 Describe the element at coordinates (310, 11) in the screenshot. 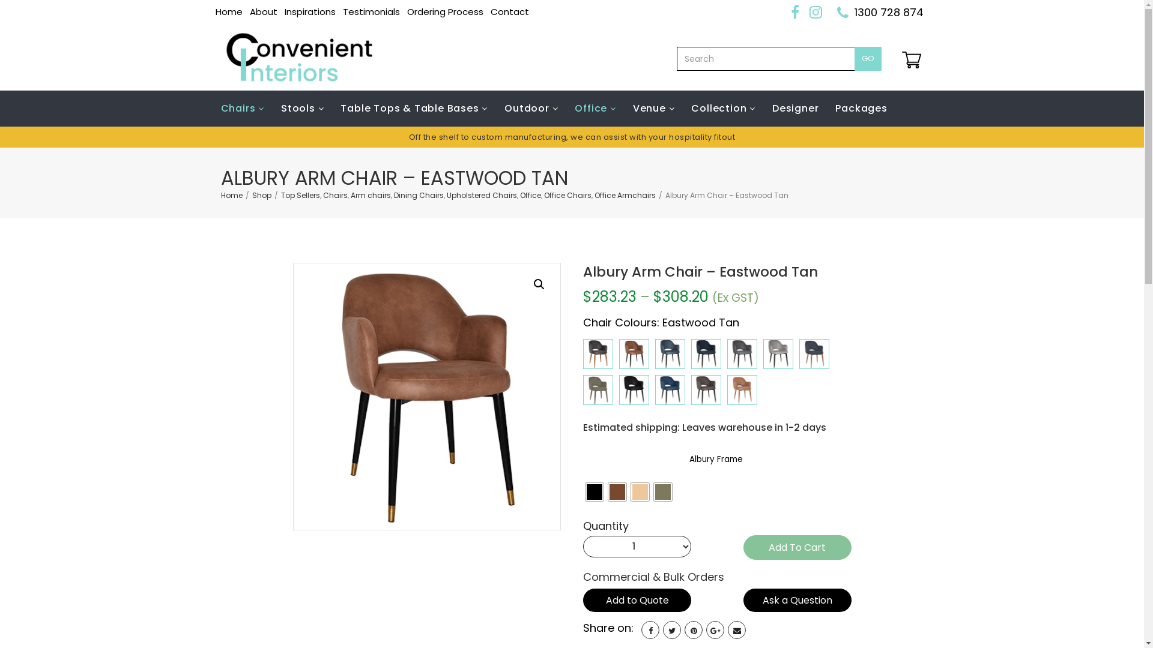

I see `'Inspirations'` at that location.